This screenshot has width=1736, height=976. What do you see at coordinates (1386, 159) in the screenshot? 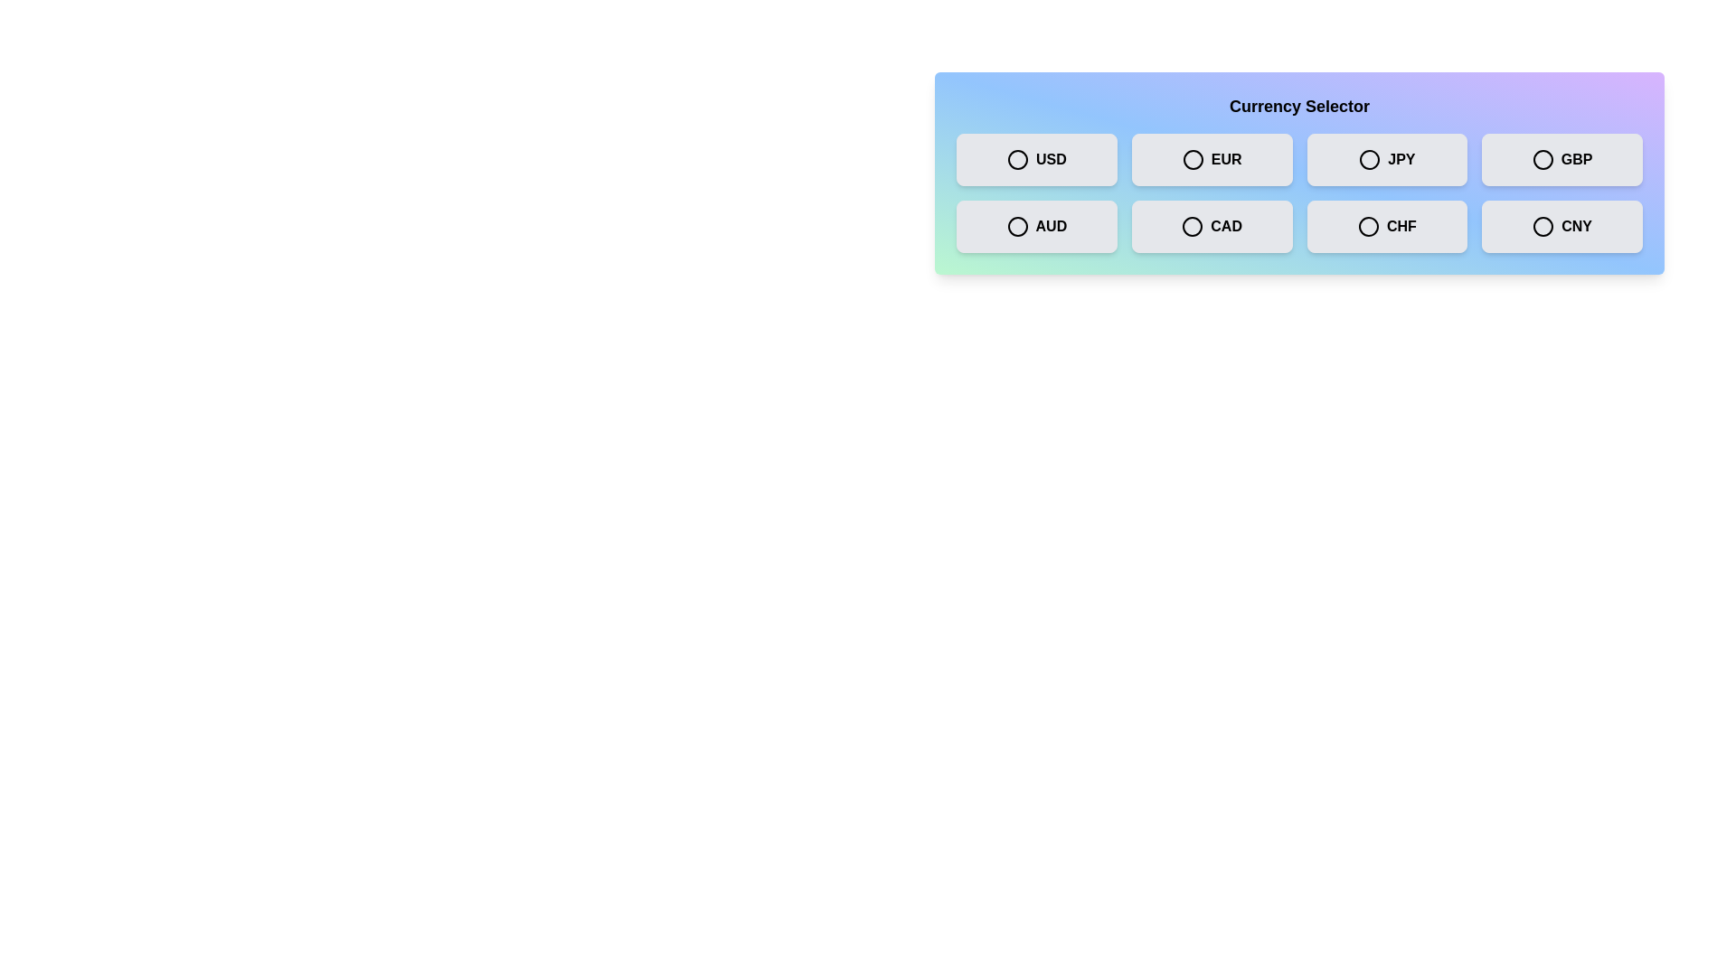
I see `the currency box labeled JPY to observe the hover effect` at bounding box center [1386, 159].